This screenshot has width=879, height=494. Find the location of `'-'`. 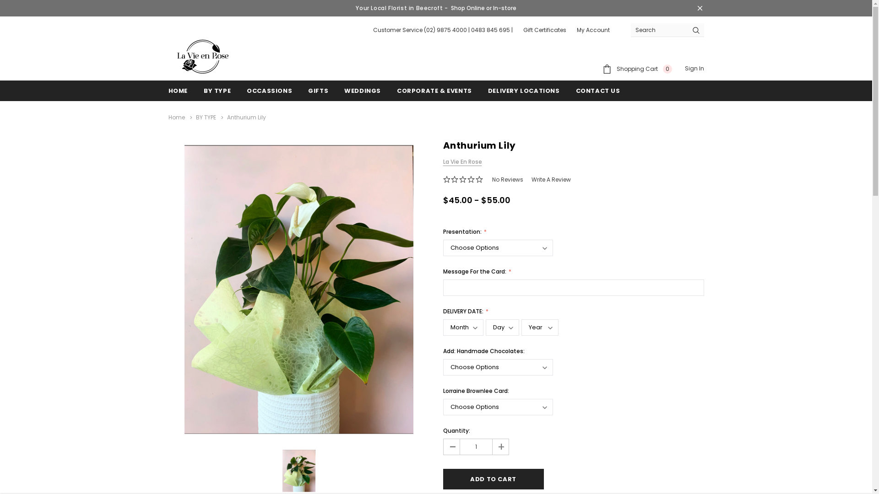

'-' is located at coordinates (451, 446).